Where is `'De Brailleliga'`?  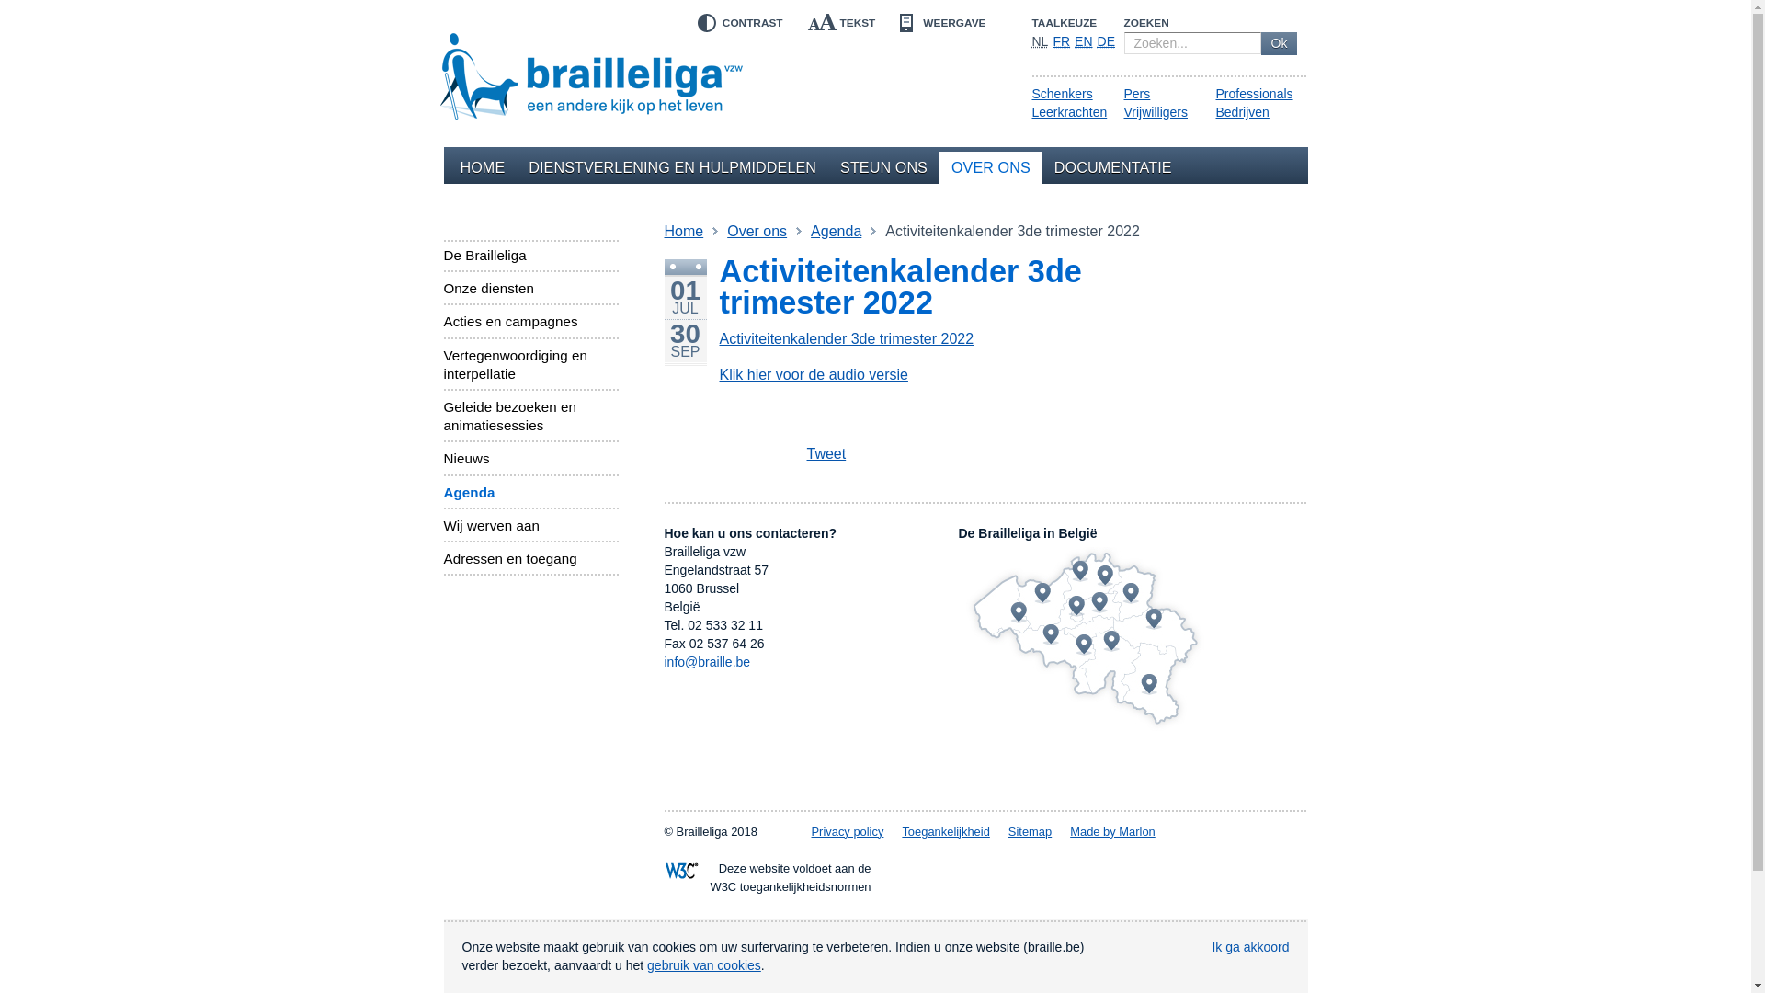 'De Brailleliga' is located at coordinates (529, 255).